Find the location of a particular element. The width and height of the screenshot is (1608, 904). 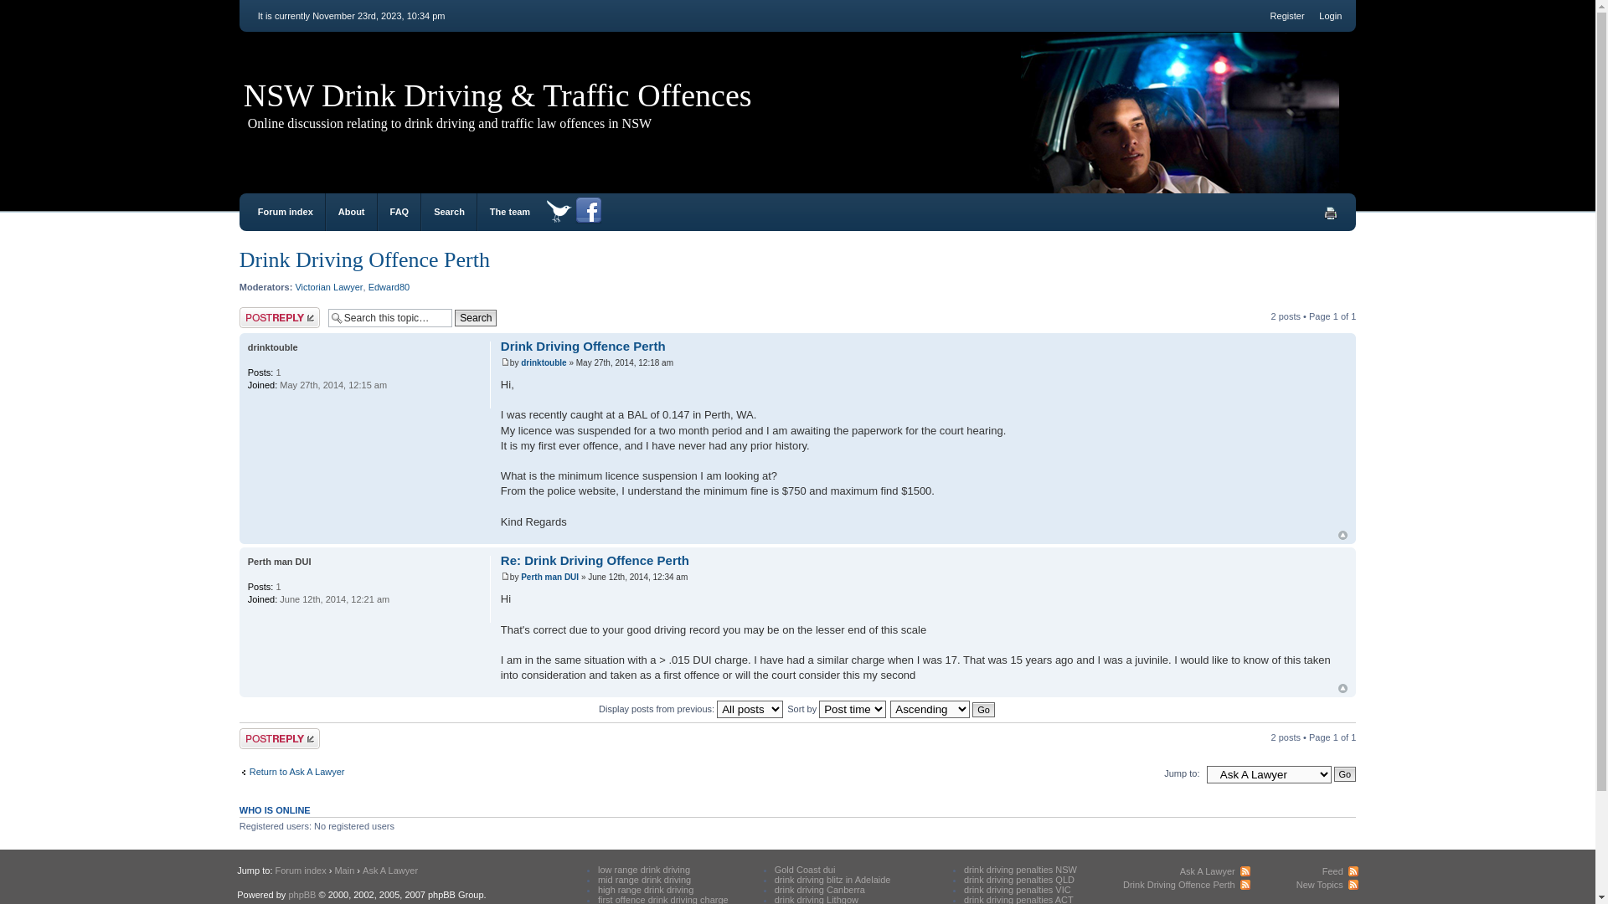

'FAQ' is located at coordinates (399, 211).